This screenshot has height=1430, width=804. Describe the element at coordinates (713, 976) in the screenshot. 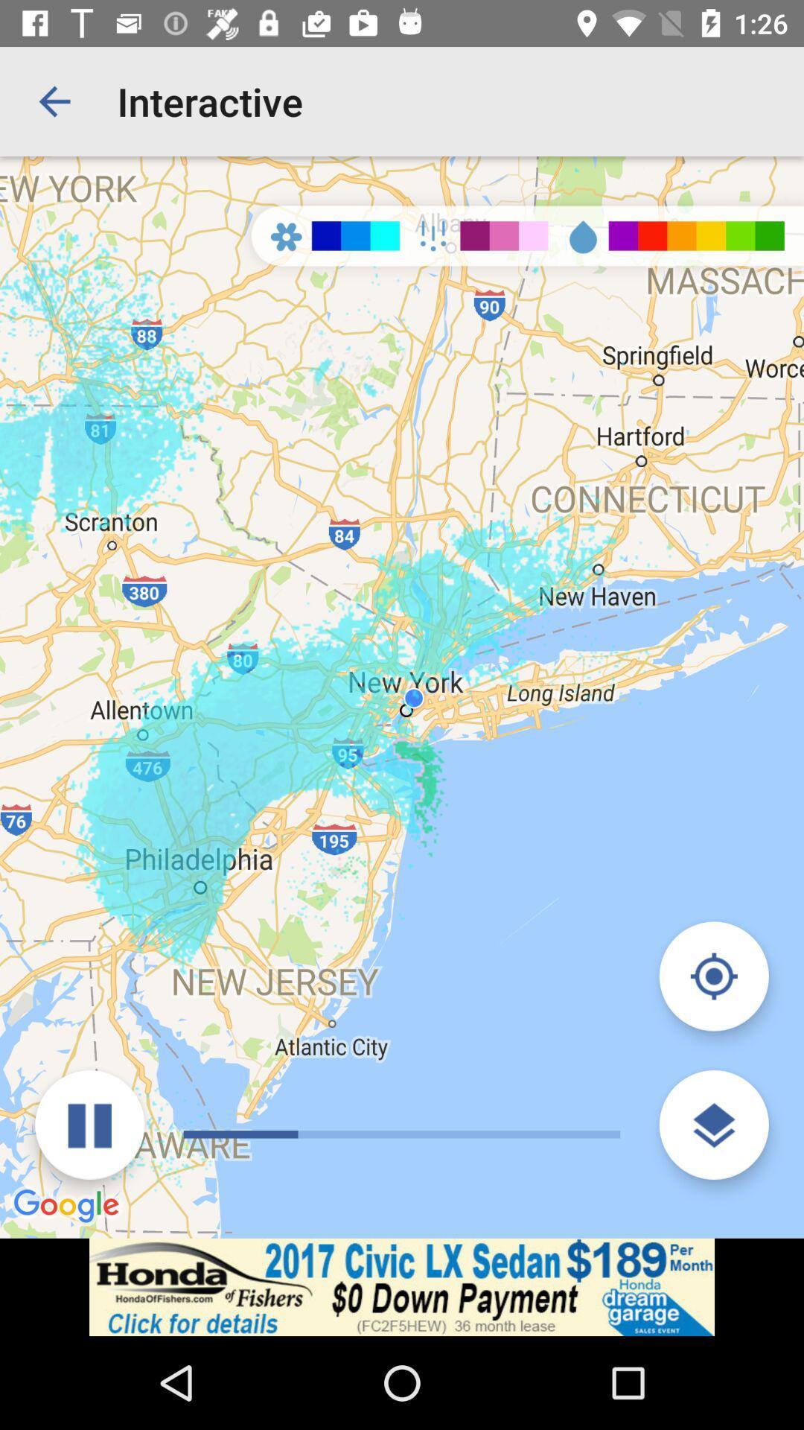

I see `show my location` at that location.